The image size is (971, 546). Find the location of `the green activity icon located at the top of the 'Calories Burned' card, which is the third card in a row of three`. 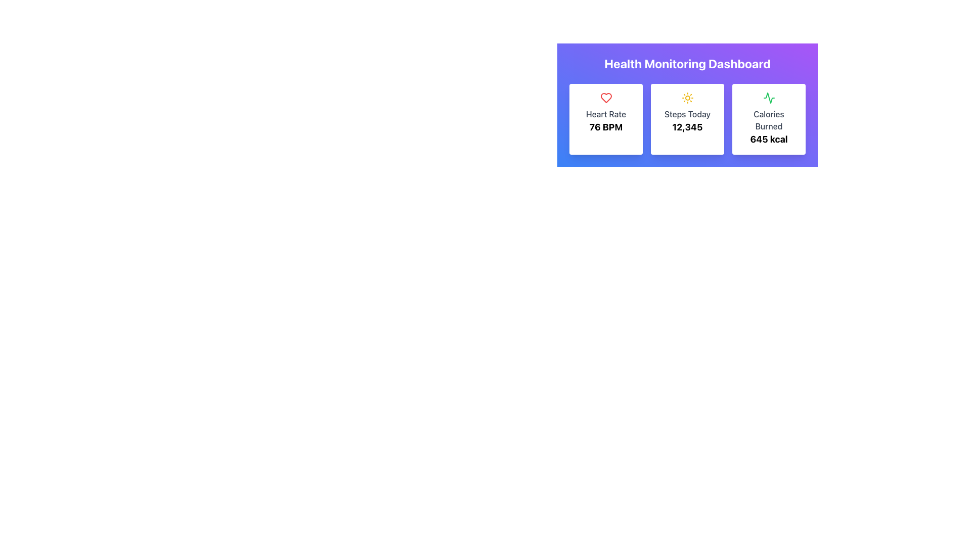

the green activity icon located at the top of the 'Calories Burned' card, which is the third card in a row of three is located at coordinates (769, 98).